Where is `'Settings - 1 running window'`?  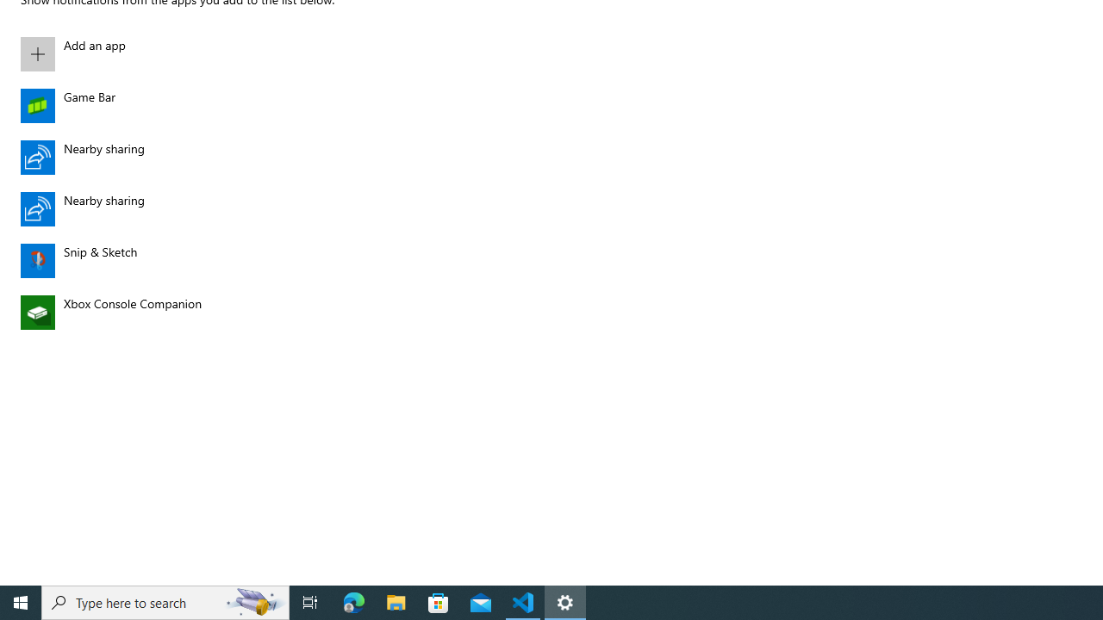
'Settings - 1 running window' is located at coordinates (565, 601).